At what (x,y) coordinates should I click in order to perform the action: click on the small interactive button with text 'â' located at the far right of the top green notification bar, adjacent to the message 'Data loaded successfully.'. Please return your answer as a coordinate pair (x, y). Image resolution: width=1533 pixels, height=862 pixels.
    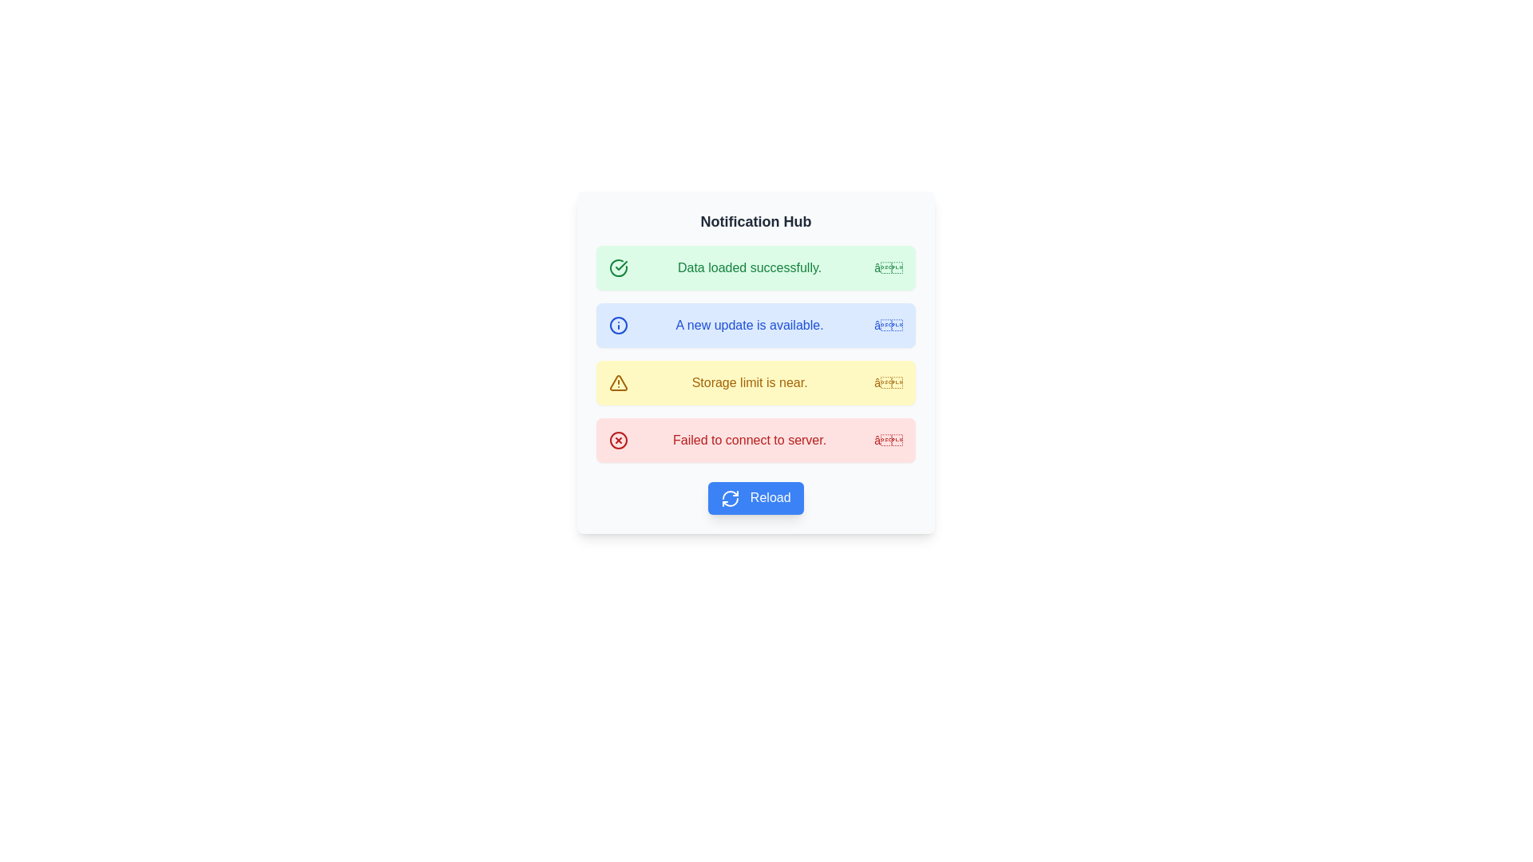
    Looking at the image, I should click on (888, 267).